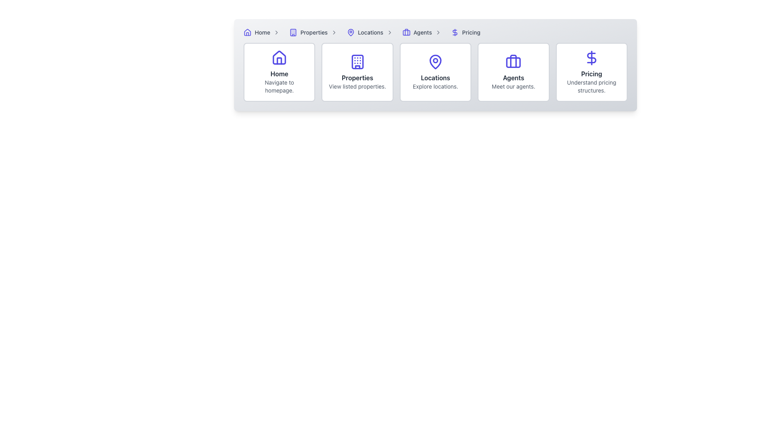  I want to click on the 'Properties' navigational link in the breadcrumb navigation bar, so click(314, 32).